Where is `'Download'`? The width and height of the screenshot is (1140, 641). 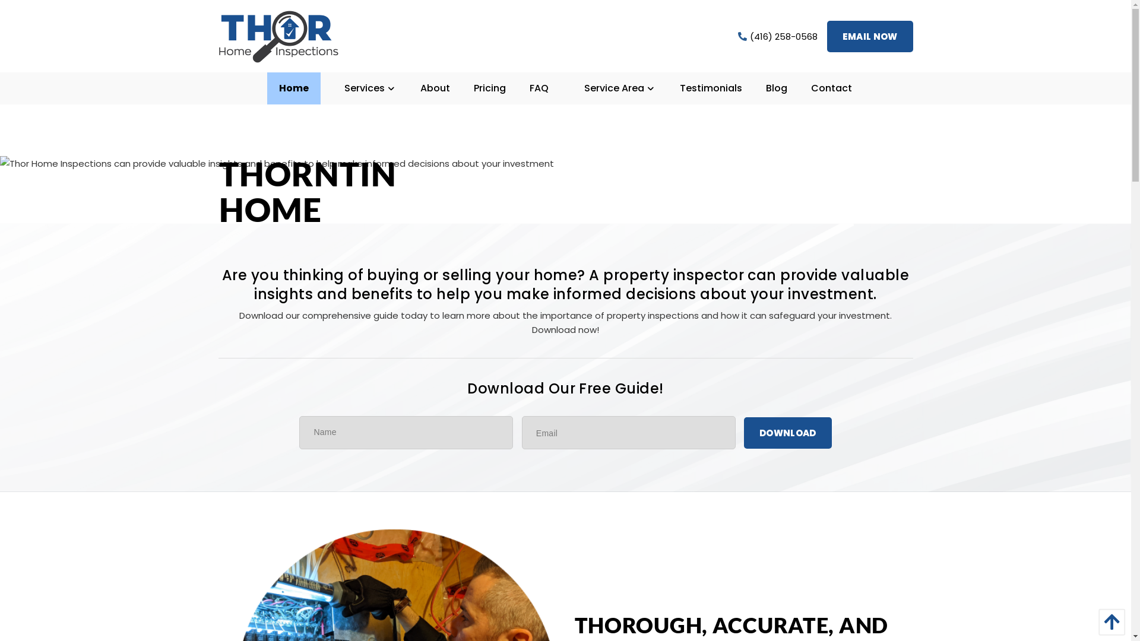 'Download' is located at coordinates (787, 432).